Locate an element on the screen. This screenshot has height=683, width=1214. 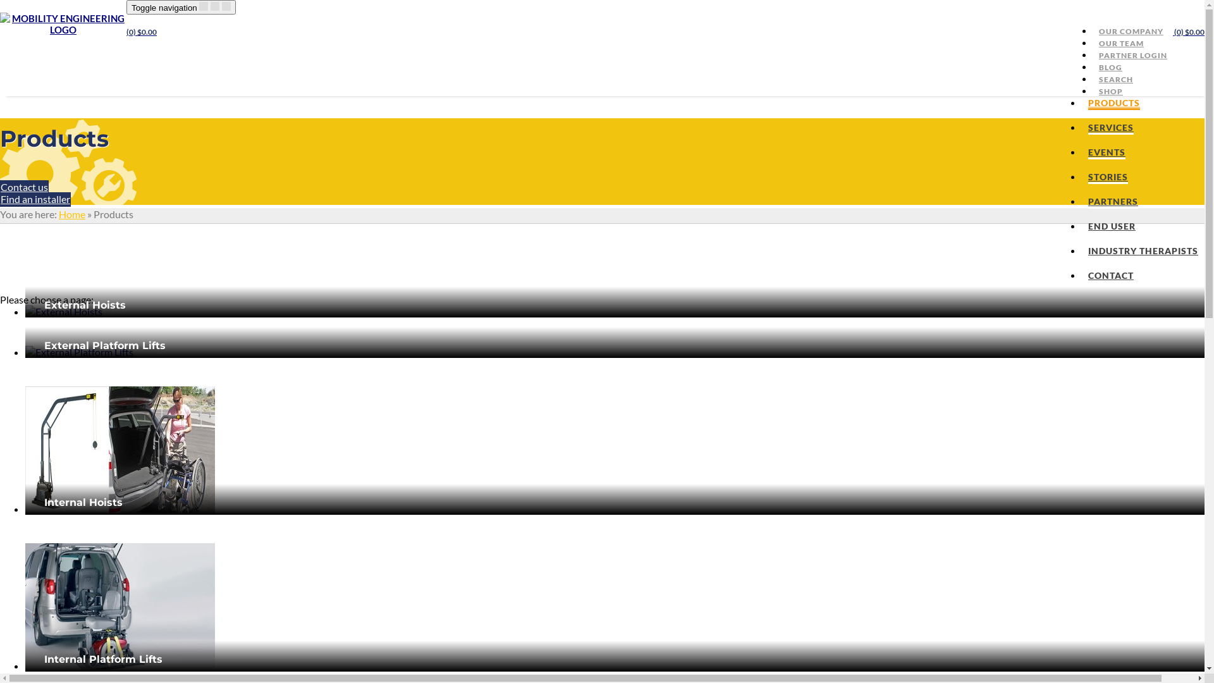
'Contact us' is located at coordinates (24, 187).